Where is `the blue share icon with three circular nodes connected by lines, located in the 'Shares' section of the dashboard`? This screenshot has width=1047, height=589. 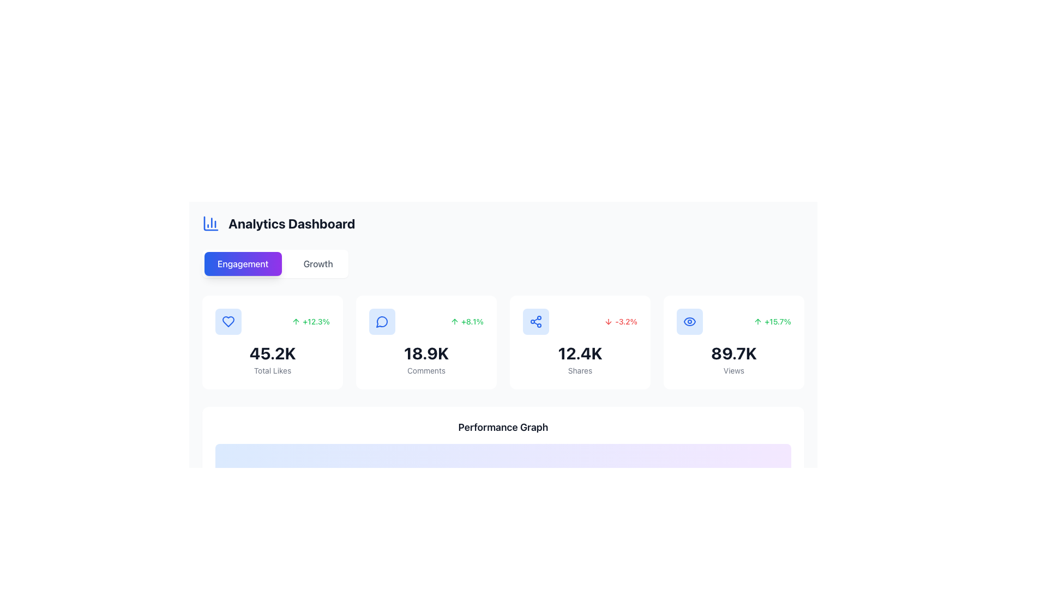
the blue share icon with three circular nodes connected by lines, located in the 'Shares' section of the dashboard is located at coordinates (536, 321).